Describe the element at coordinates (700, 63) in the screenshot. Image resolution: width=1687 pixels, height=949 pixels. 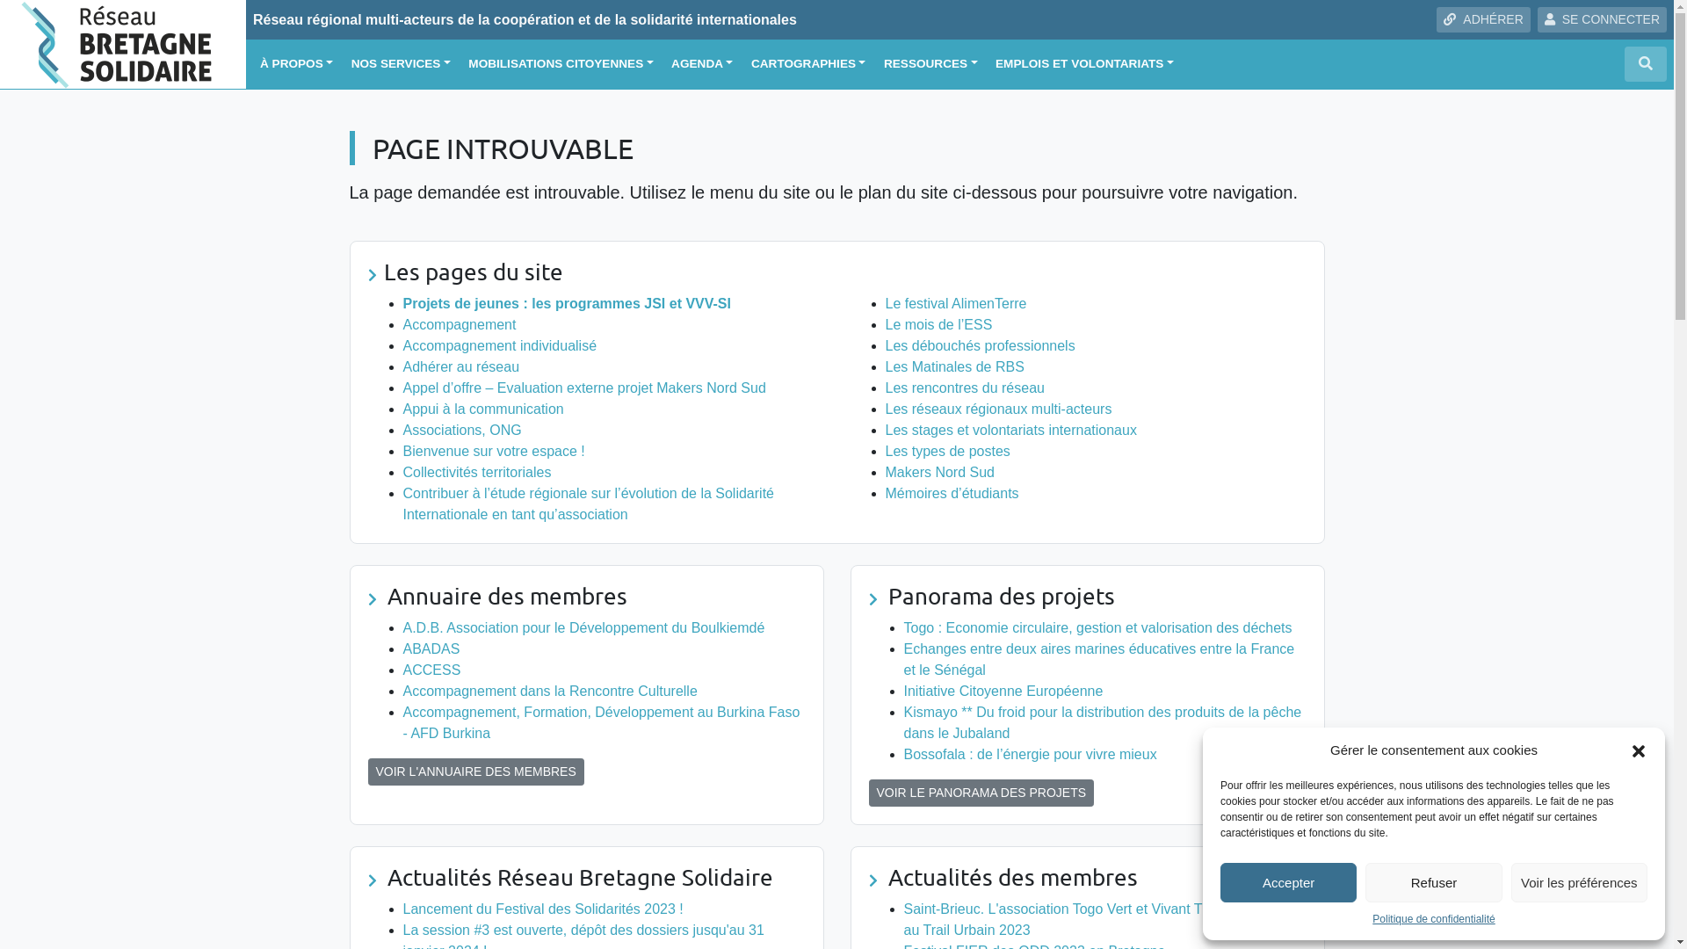
I see `'AGENDA'` at that location.